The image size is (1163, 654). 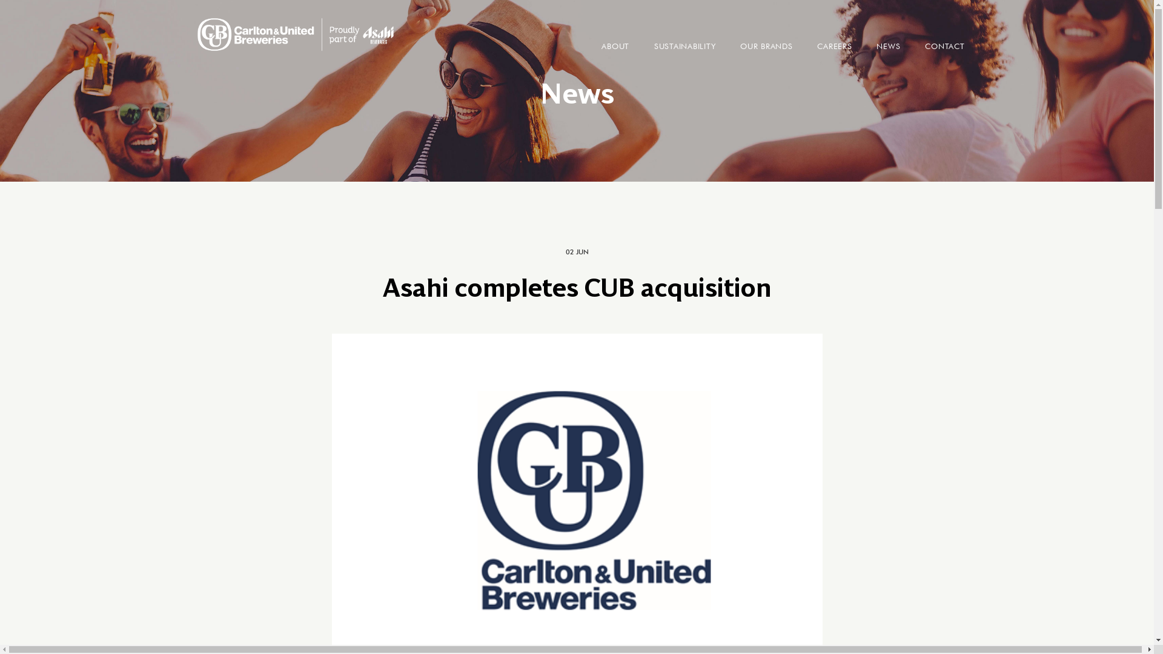 What do you see at coordinates (685, 50) in the screenshot?
I see `'SUSTAINABILITY'` at bounding box center [685, 50].